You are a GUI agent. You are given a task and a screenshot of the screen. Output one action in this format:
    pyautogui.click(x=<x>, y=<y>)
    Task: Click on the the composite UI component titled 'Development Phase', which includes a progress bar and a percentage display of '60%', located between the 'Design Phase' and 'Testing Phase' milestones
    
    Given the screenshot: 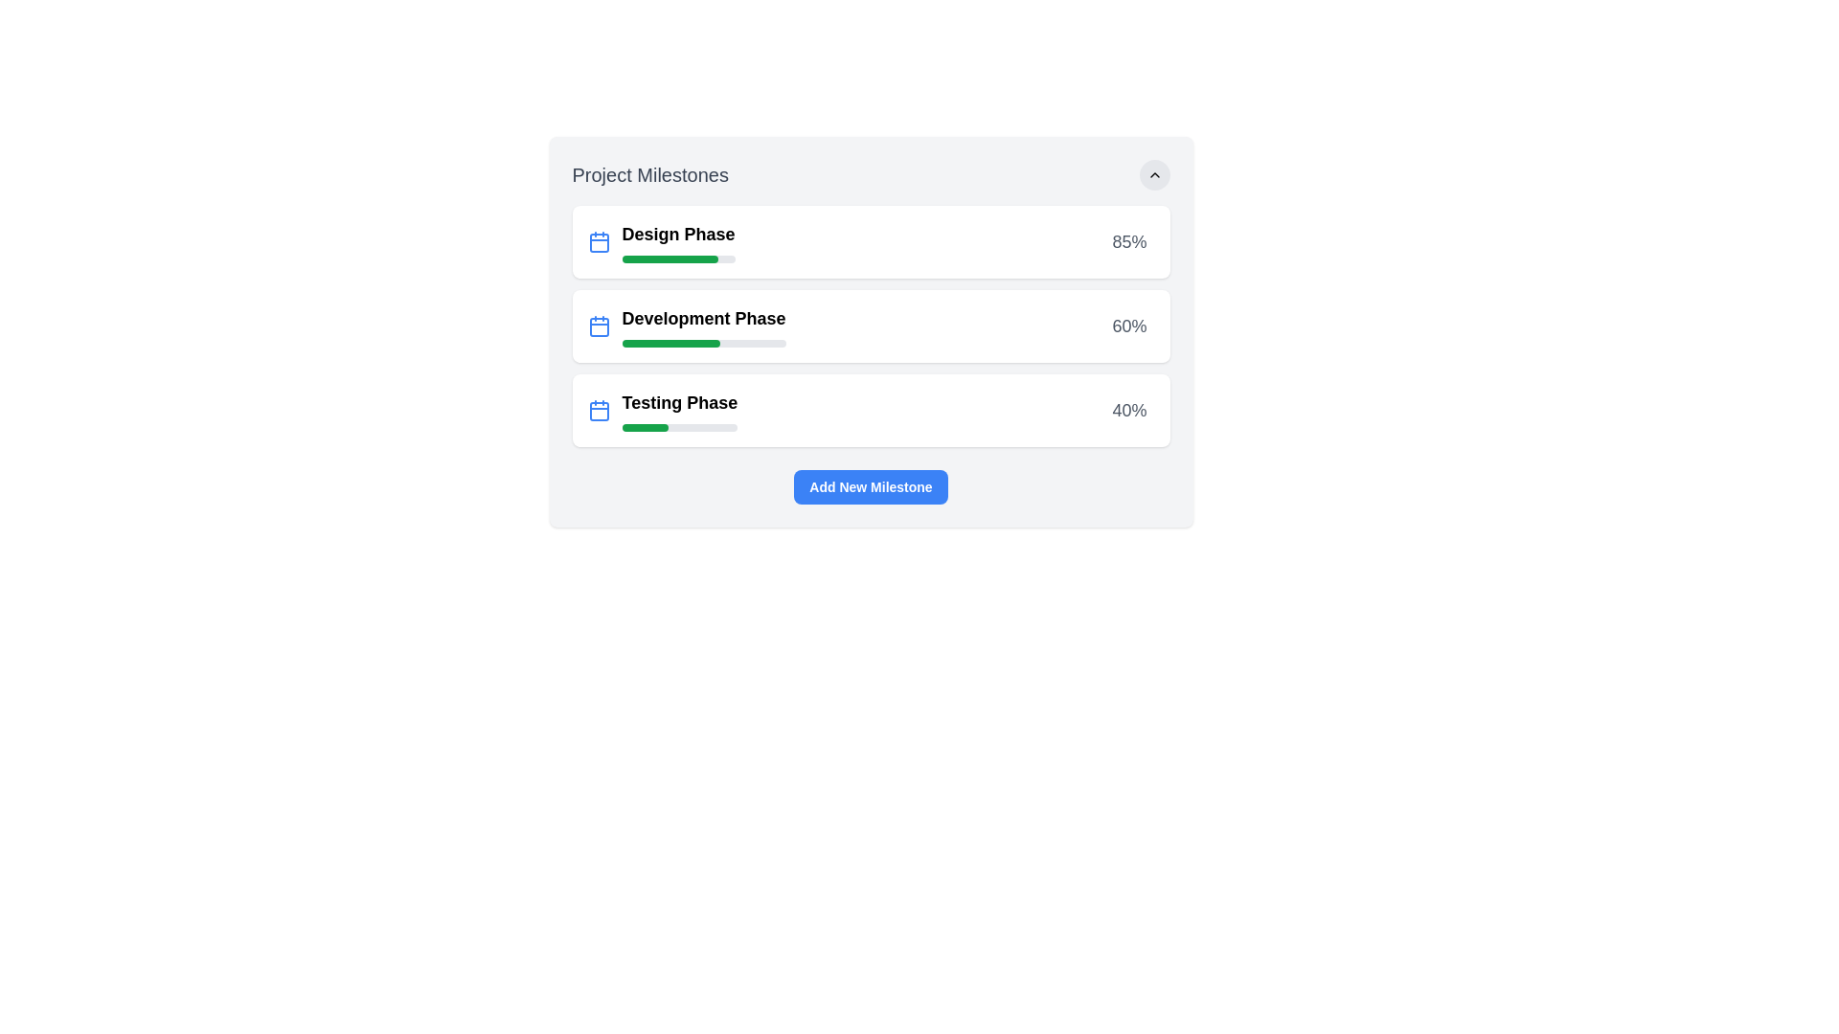 What is the action you would take?
    pyautogui.click(x=870, y=325)
    